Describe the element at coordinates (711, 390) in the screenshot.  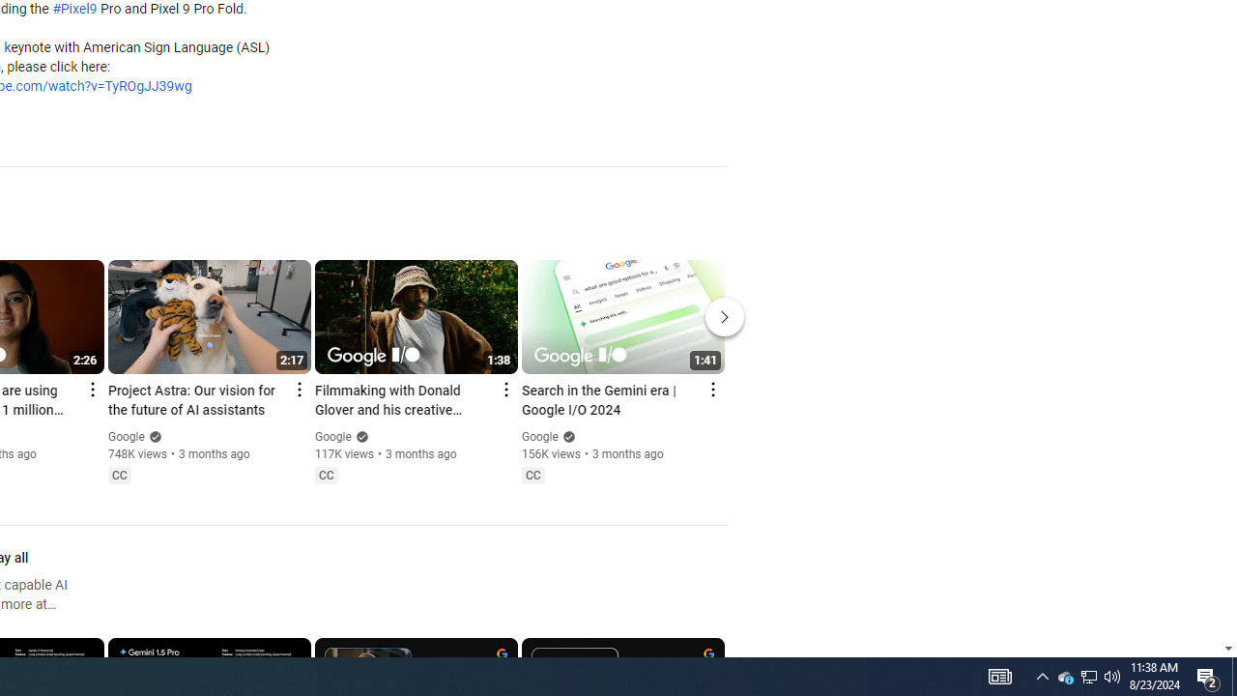
I see `'Action menu'` at that location.